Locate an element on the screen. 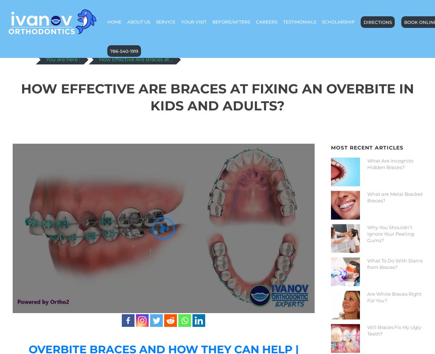 This screenshot has height=354, width=435. 'Most Recent Articles' is located at coordinates (366, 147).